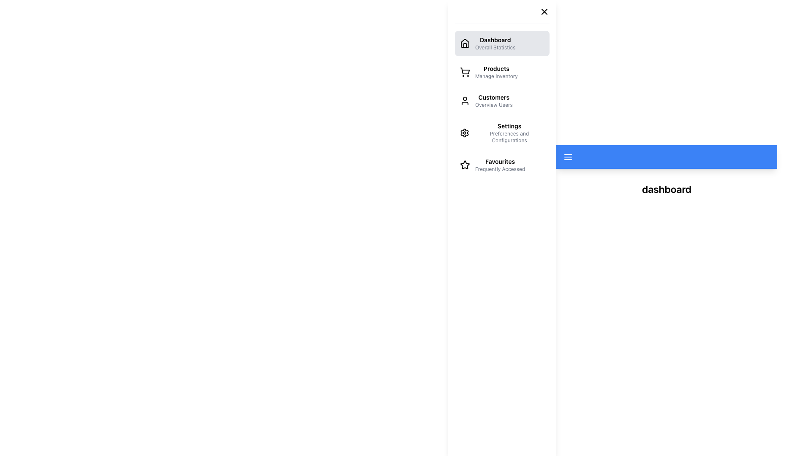 This screenshot has width=811, height=456. Describe the element at coordinates (495, 47) in the screenshot. I see `the text label displaying 'Overall Statistics' located immediately below the 'Dashboard' label in the navigation menu` at that location.